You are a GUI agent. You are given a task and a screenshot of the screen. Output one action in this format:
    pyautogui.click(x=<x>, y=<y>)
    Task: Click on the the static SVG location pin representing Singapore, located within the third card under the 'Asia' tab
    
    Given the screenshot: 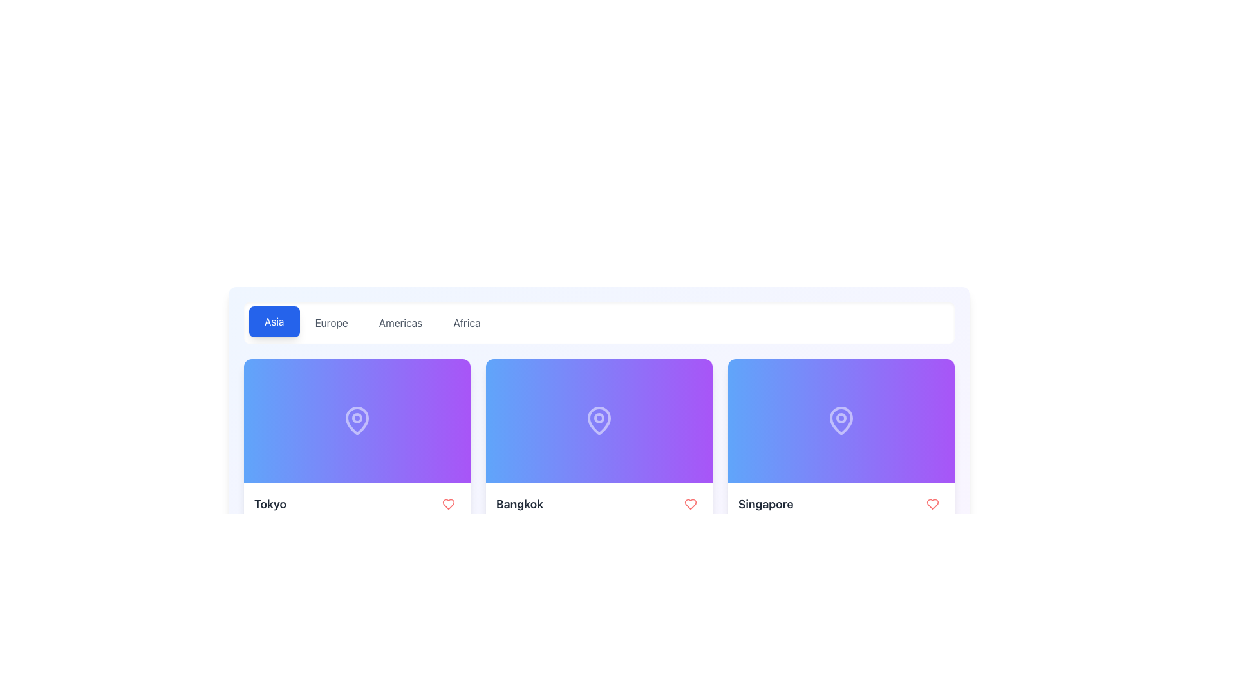 What is the action you would take?
    pyautogui.click(x=841, y=420)
    